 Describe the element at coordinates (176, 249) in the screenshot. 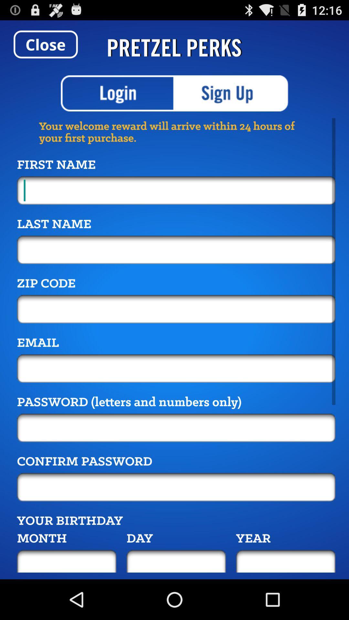

I see `the field below last name` at that location.